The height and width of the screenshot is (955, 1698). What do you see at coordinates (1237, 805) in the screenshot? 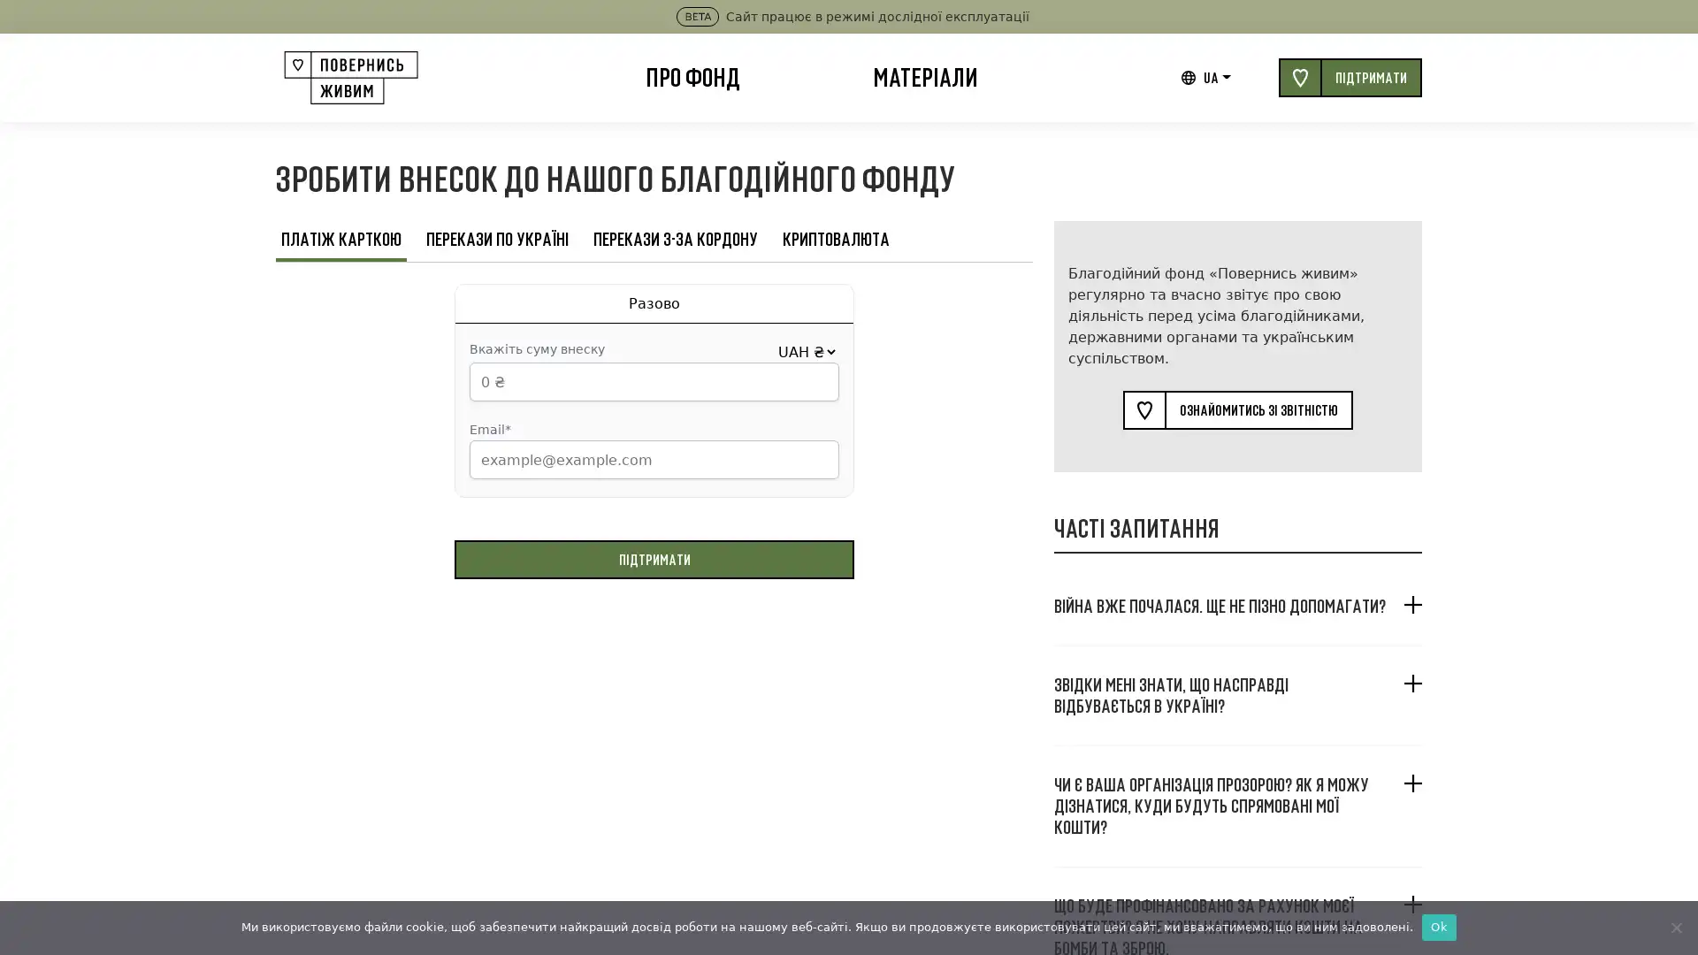
I see `?    ,     ?` at bounding box center [1237, 805].